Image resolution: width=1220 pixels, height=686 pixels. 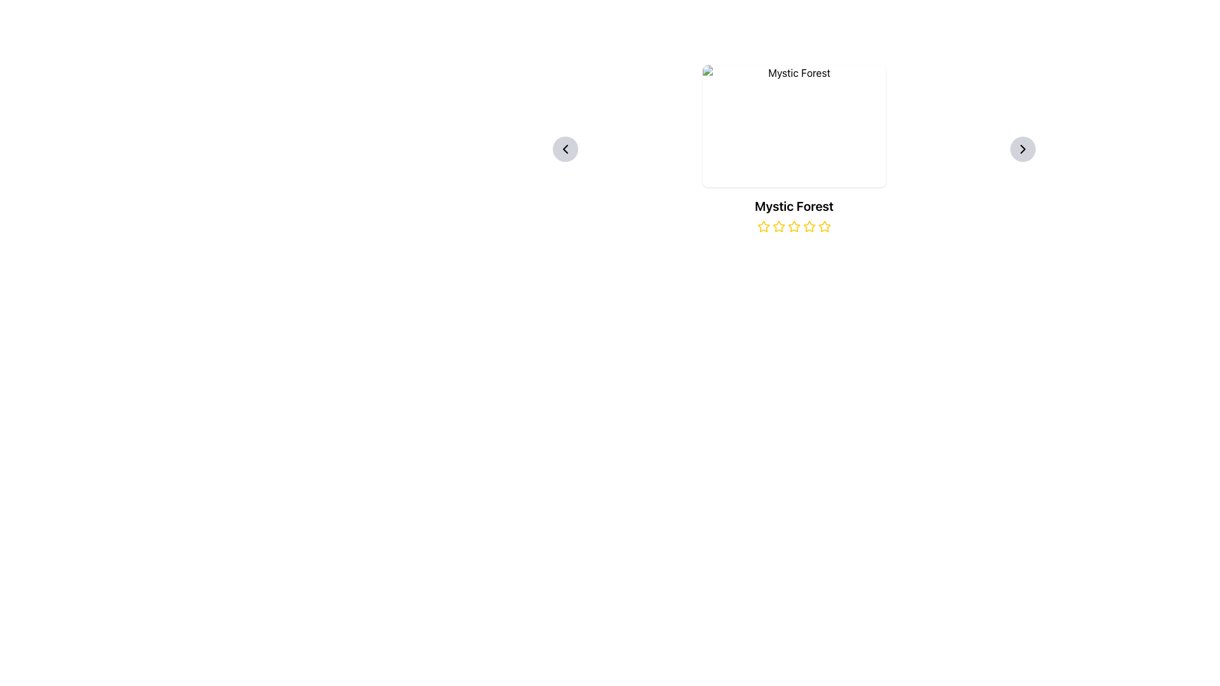 I want to click on the circular button with a gray background and a black left-pointing chevron icon, so click(x=564, y=149).